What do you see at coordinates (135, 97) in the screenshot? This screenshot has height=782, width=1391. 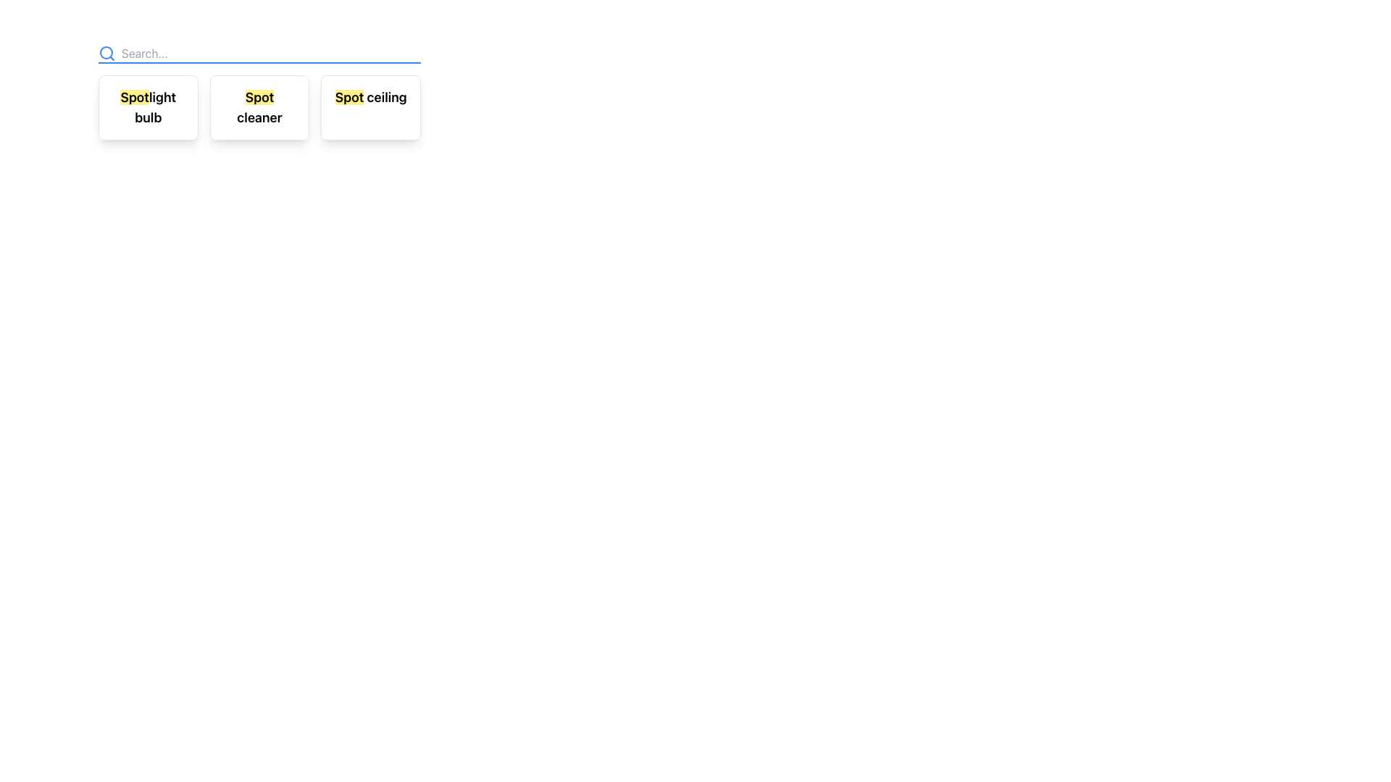 I see `the highlighted content of the text label displaying the word 'Spot' with a yellow background, which is the first word in the phrase 'Spotlight bulb.'` at bounding box center [135, 97].